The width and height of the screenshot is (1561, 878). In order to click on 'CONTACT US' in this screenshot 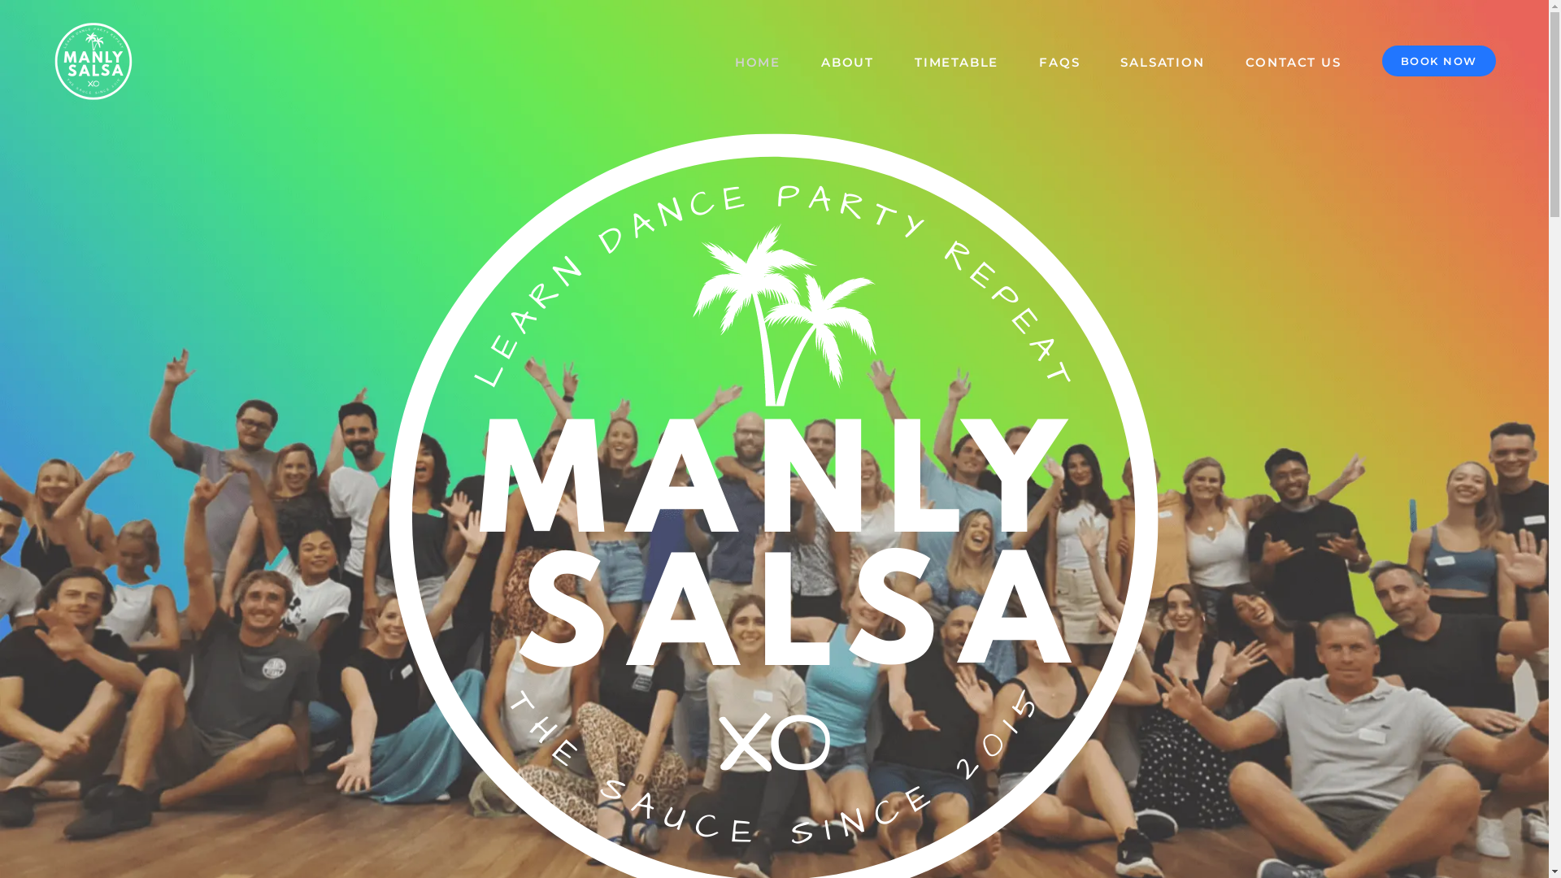, I will do `click(1292, 59)`.